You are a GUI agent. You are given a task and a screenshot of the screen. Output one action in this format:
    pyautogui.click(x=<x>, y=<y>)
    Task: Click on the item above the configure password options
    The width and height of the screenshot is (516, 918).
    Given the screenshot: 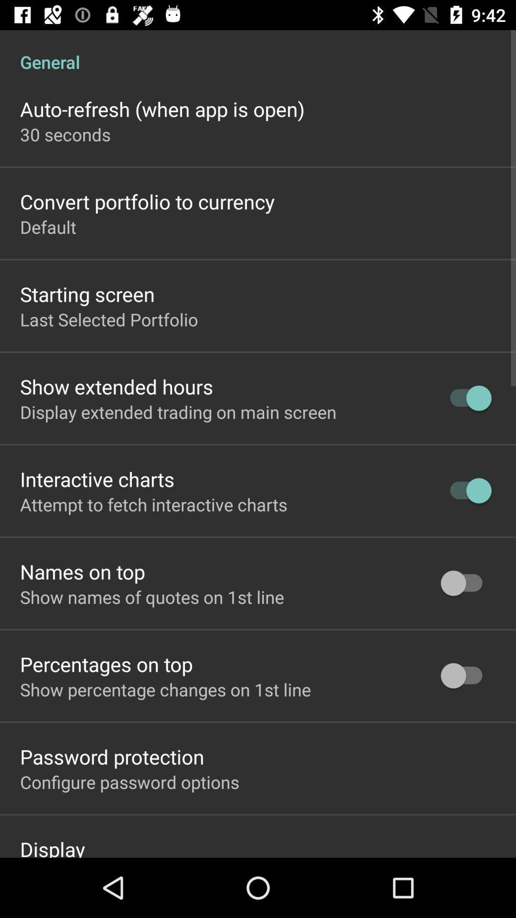 What is the action you would take?
    pyautogui.click(x=111, y=756)
    